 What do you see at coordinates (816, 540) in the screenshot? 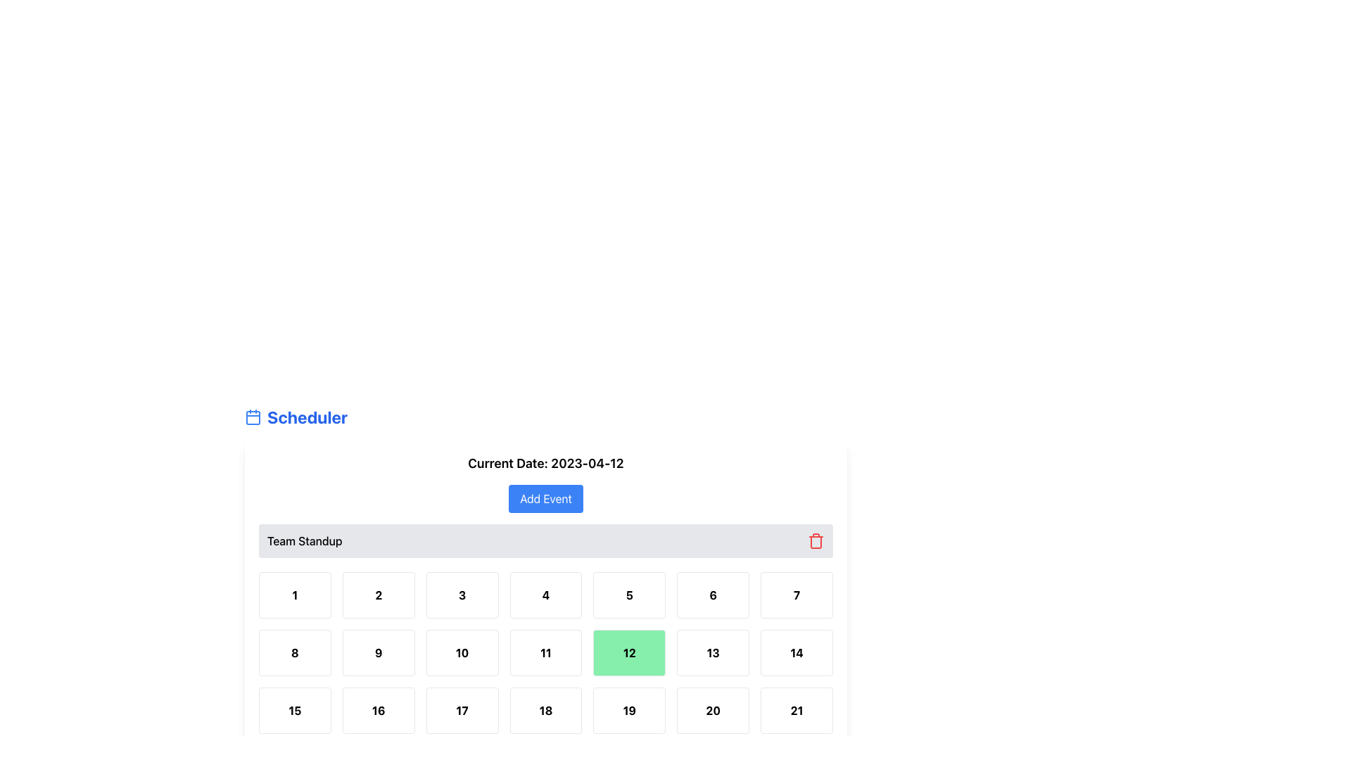
I see `the delete icon button located in the rightmost area of the horizontal bar labeled 'Team Standup'` at bounding box center [816, 540].